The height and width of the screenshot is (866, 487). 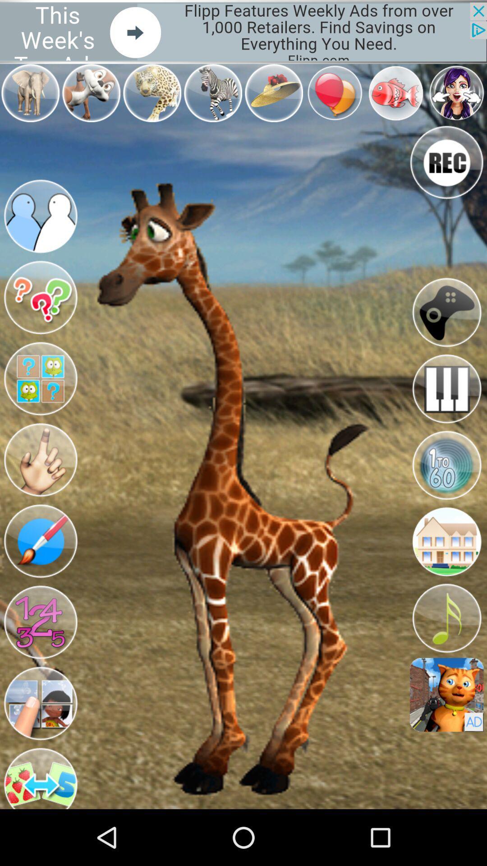 I want to click on the avatar icon, so click(x=40, y=753).